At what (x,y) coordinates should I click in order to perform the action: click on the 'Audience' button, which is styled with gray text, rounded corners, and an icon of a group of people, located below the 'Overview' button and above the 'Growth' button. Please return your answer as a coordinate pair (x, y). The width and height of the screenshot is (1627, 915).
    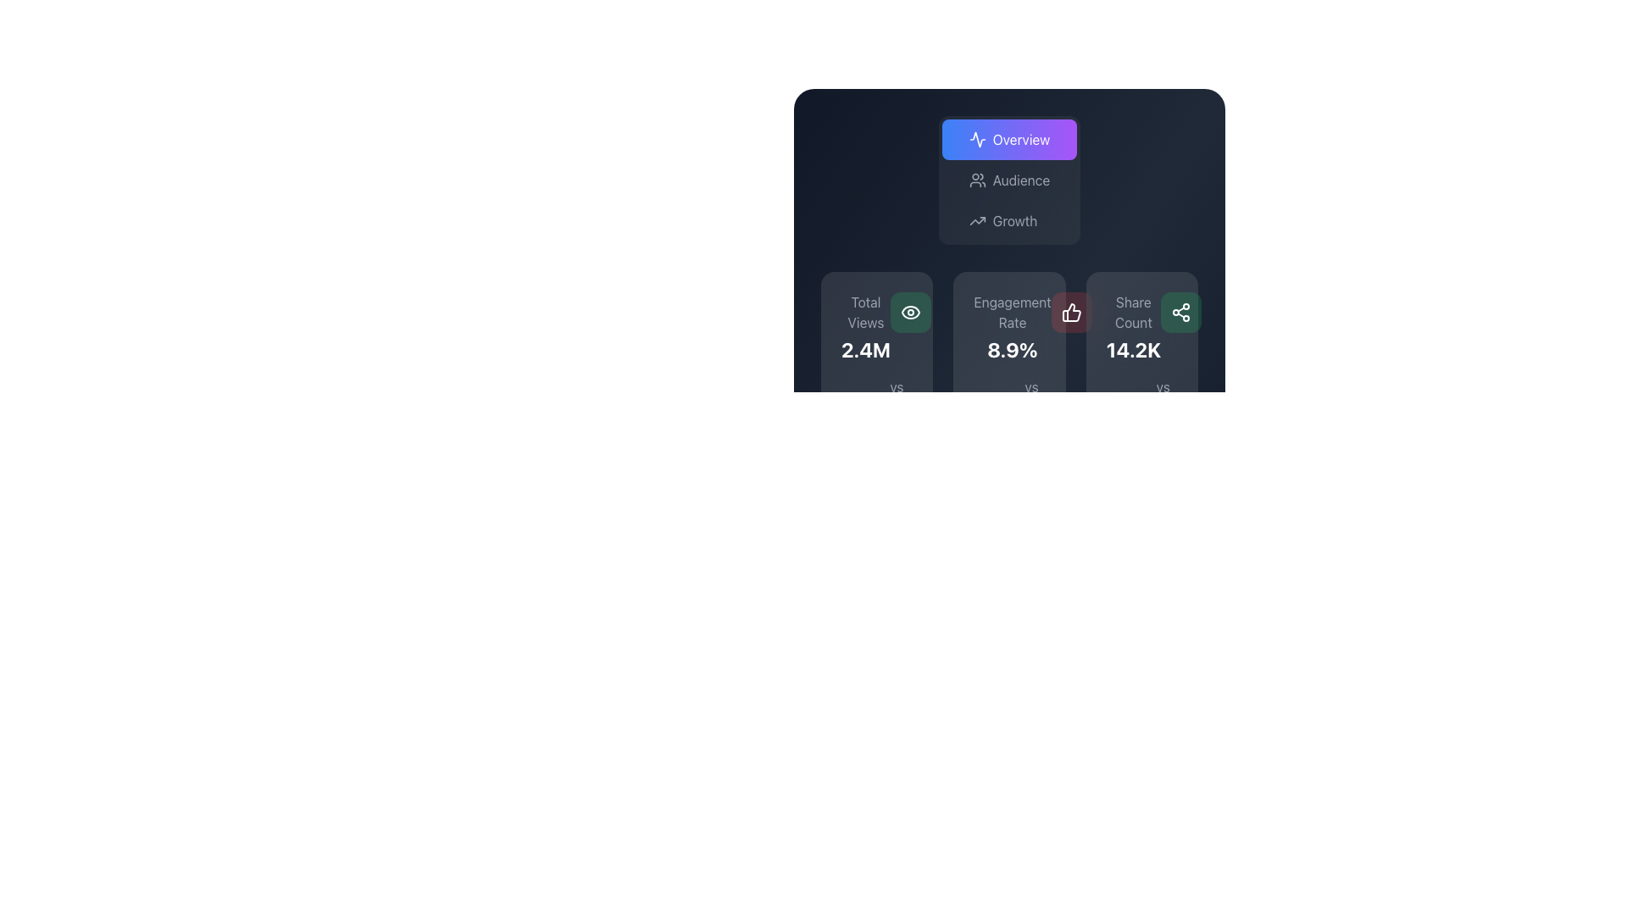
    Looking at the image, I should click on (1008, 180).